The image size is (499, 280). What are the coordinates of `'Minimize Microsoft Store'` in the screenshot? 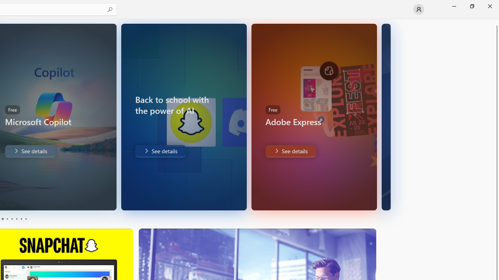 It's located at (454, 6).